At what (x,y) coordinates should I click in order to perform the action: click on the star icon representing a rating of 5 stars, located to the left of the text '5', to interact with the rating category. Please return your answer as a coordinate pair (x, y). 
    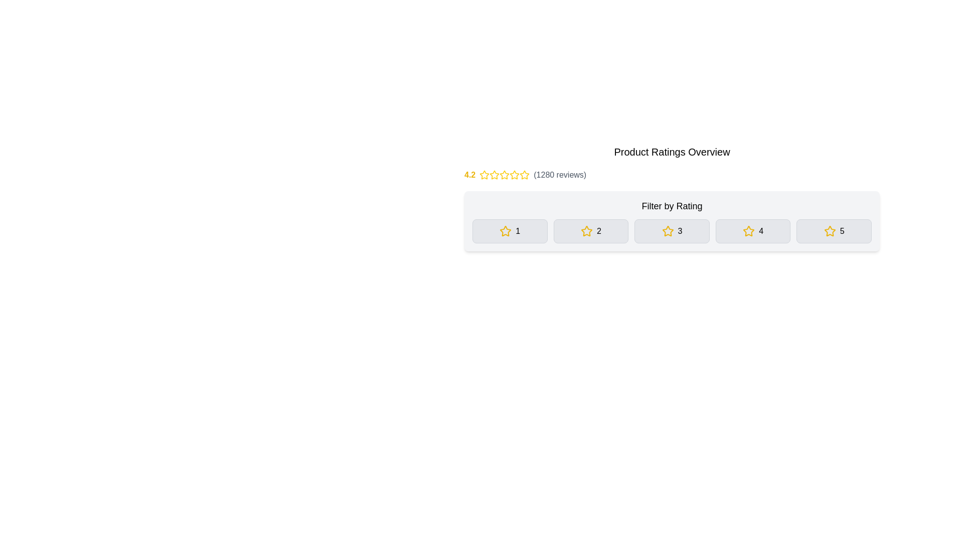
    Looking at the image, I should click on (830, 231).